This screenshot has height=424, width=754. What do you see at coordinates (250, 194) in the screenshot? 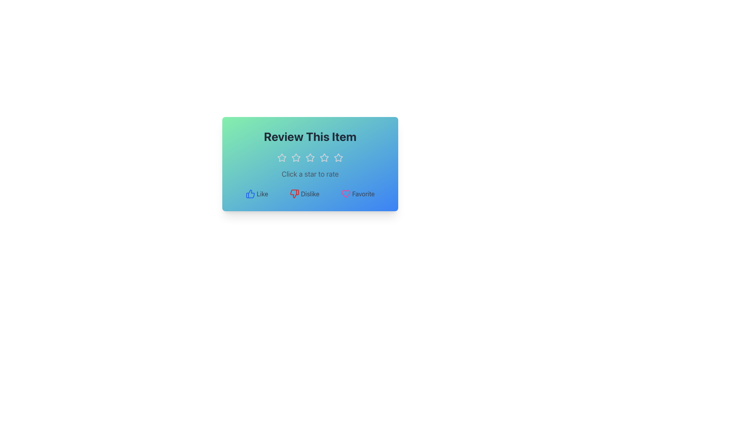
I see `the blue outlined thumbs-up icon next to the 'Like' label` at bounding box center [250, 194].